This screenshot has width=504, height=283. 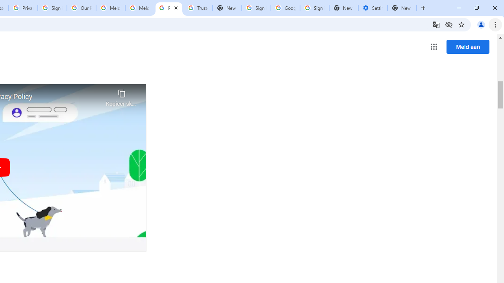 I want to click on 'Kopieer skakel', so click(x=121, y=96).